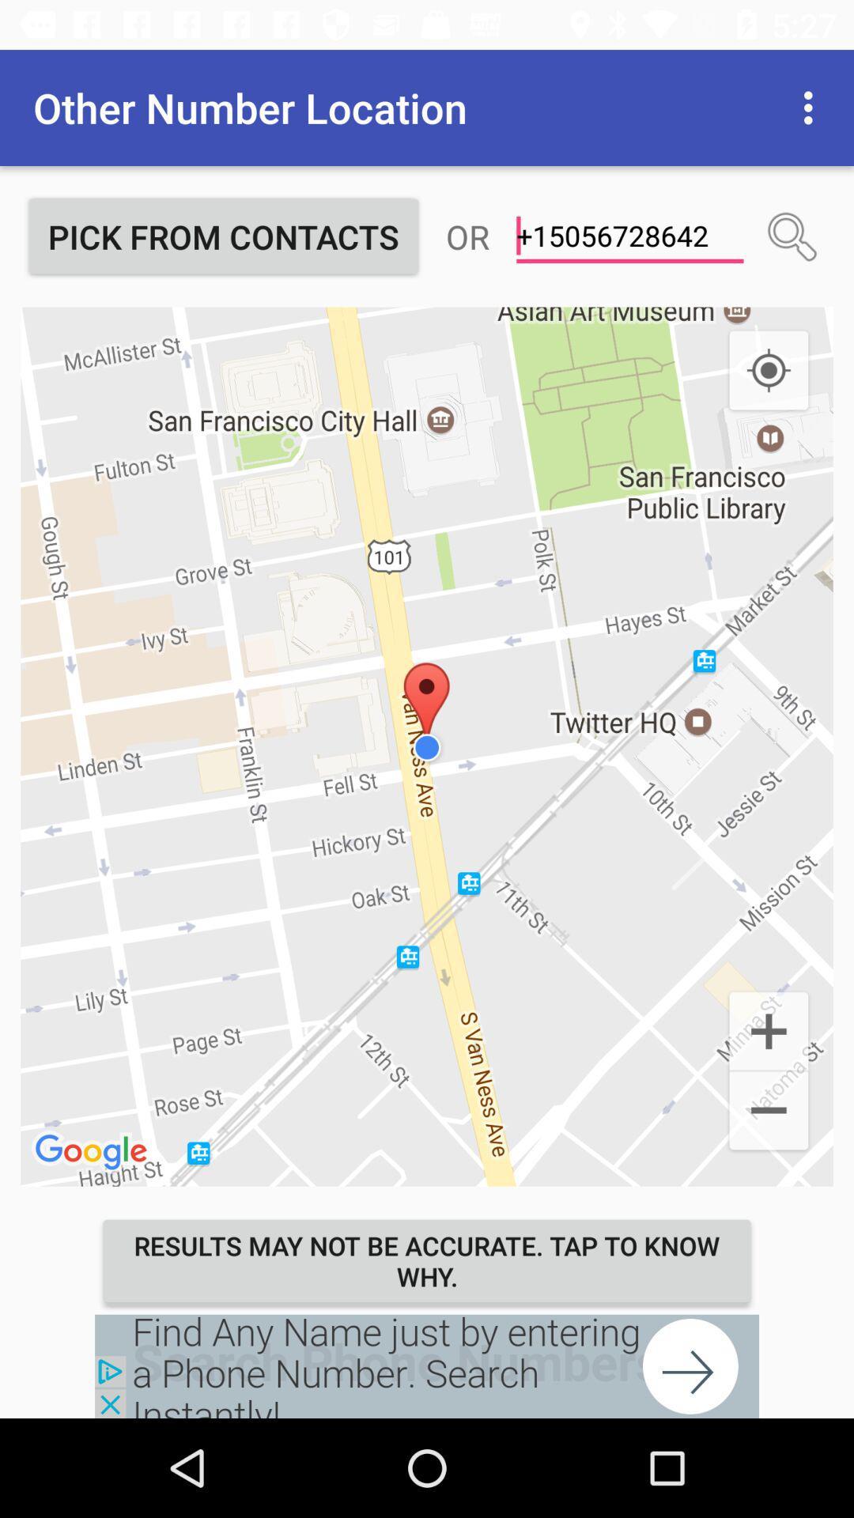  Describe the element at coordinates (792, 236) in the screenshot. I see `search contact` at that location.